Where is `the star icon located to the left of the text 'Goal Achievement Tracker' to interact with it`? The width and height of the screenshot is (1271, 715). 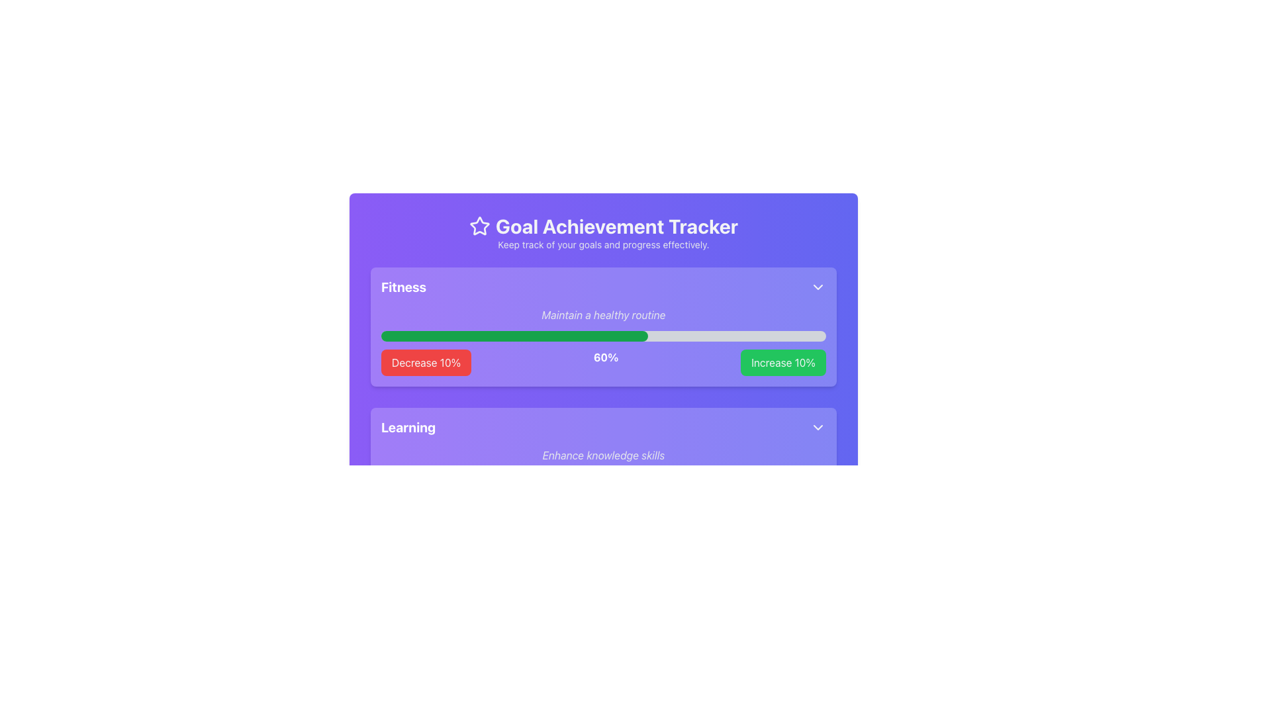
the star icon located to the left of the text 'Goal Achievement Tracker' to interact with it is located at coordinates (479, 226).